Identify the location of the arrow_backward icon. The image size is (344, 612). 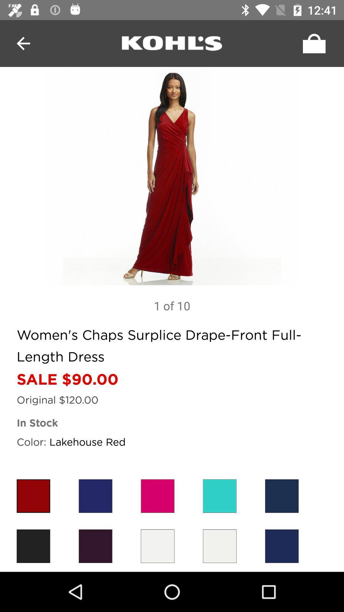
(23, 43).